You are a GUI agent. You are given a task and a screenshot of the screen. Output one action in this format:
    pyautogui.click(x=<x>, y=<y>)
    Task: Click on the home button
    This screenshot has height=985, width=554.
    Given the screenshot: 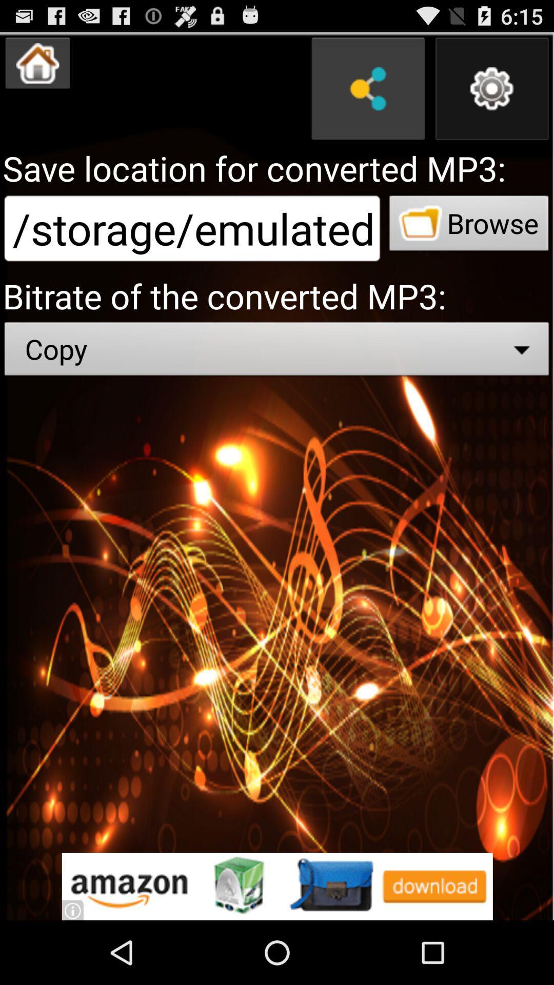 What is the action you would take?
    pyautogui.click(x=37, y=63)
    